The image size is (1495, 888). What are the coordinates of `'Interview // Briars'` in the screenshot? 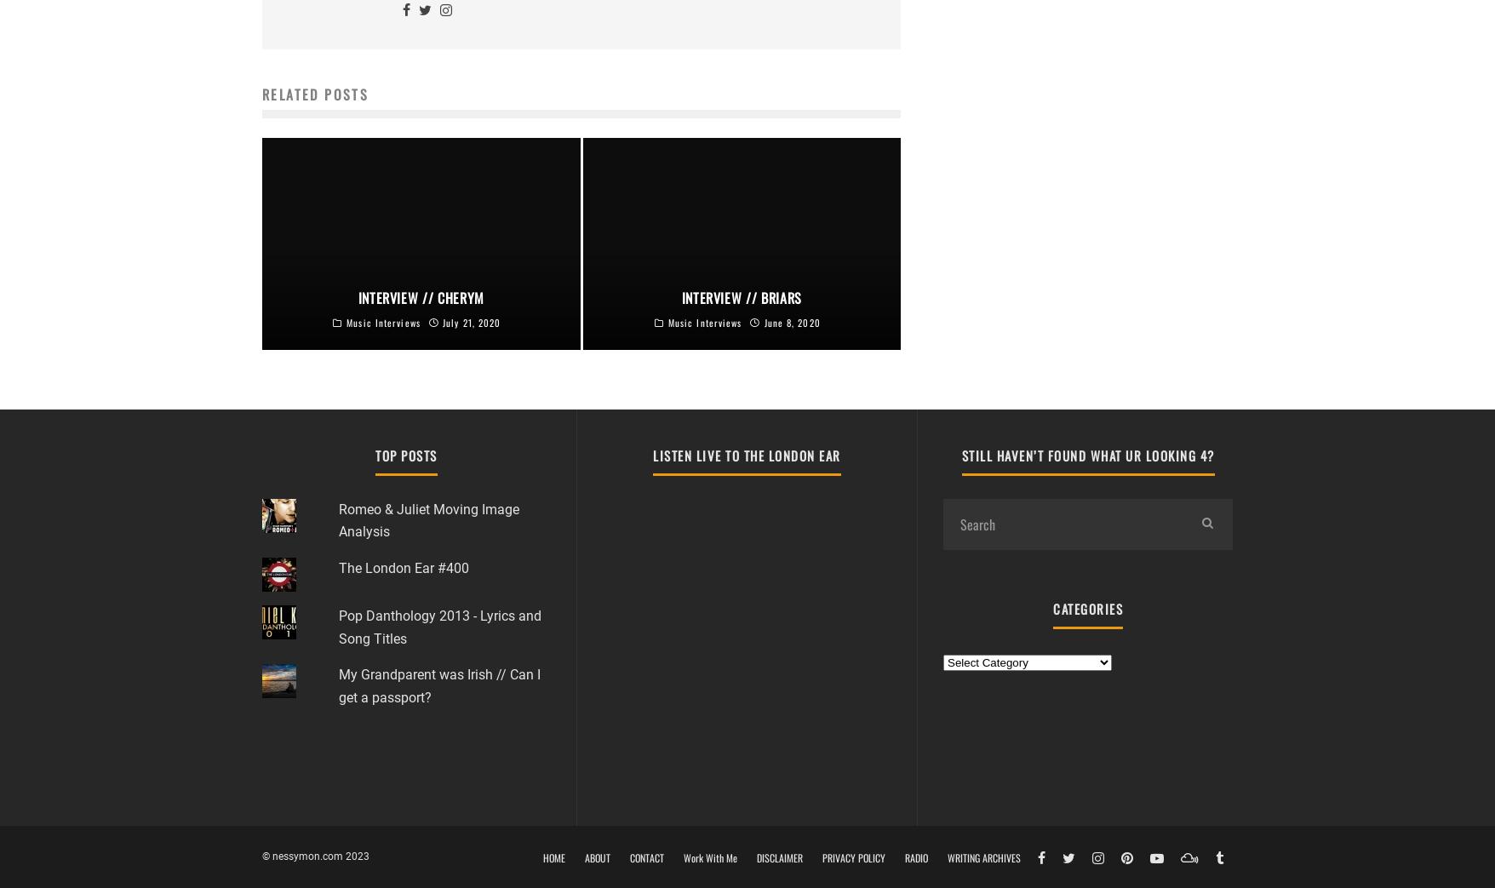 It's located at (740, 297).